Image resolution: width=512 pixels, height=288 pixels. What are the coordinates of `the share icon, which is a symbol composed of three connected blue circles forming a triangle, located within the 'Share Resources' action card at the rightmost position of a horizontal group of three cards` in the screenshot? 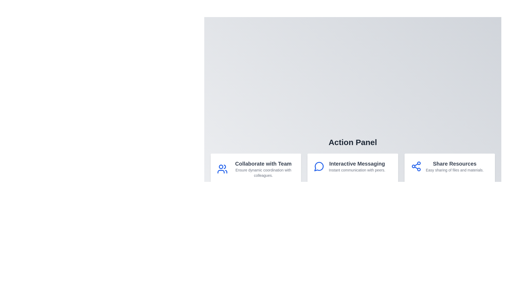 It's located at (416, 166).